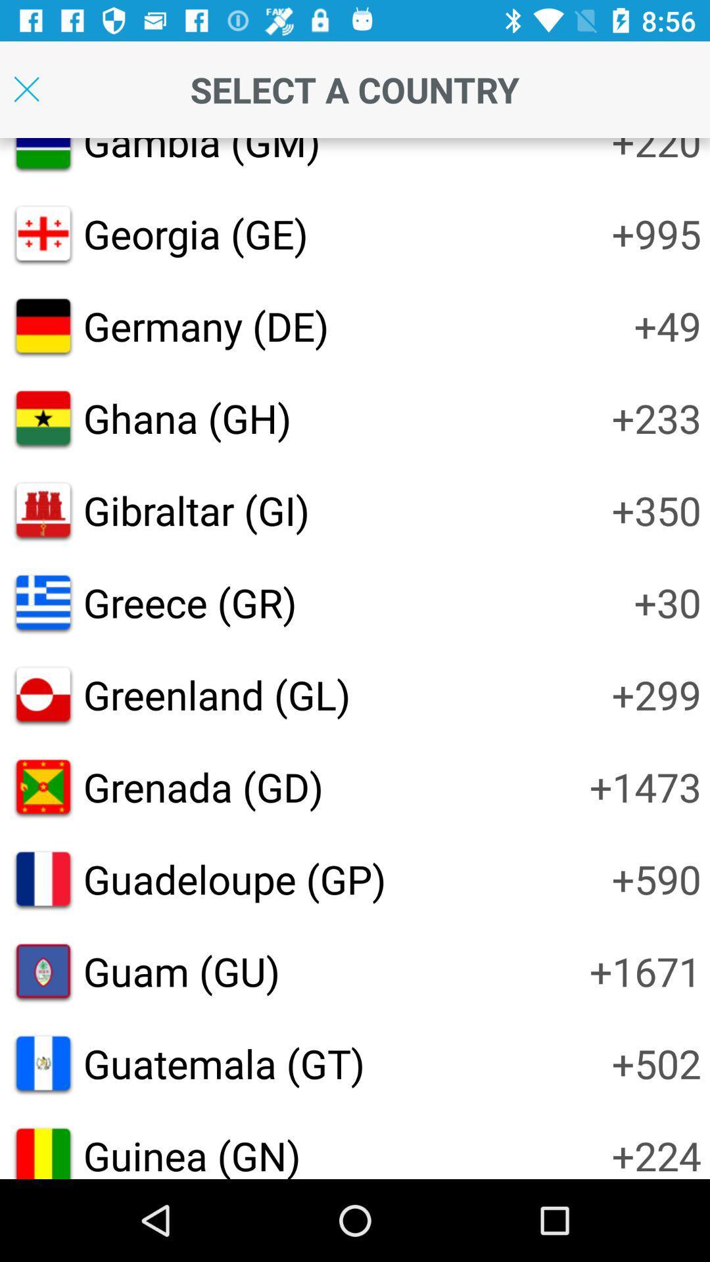 Image resolution: width=710 pixels, height=1262 pixels. I want to click on the +49 icon, so click(667, 325).